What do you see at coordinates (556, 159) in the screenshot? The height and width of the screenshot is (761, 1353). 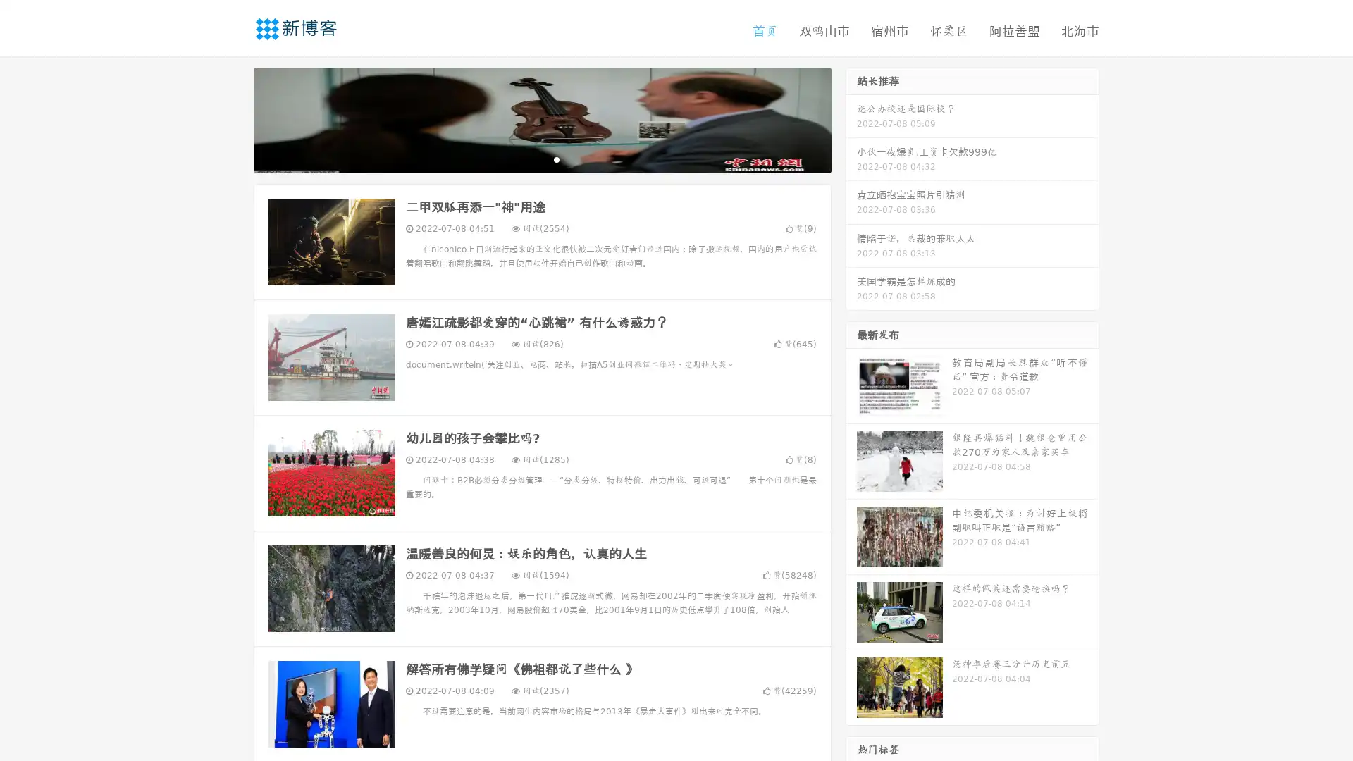 I see `Go to slide 3` at bounding box center [556, 159].